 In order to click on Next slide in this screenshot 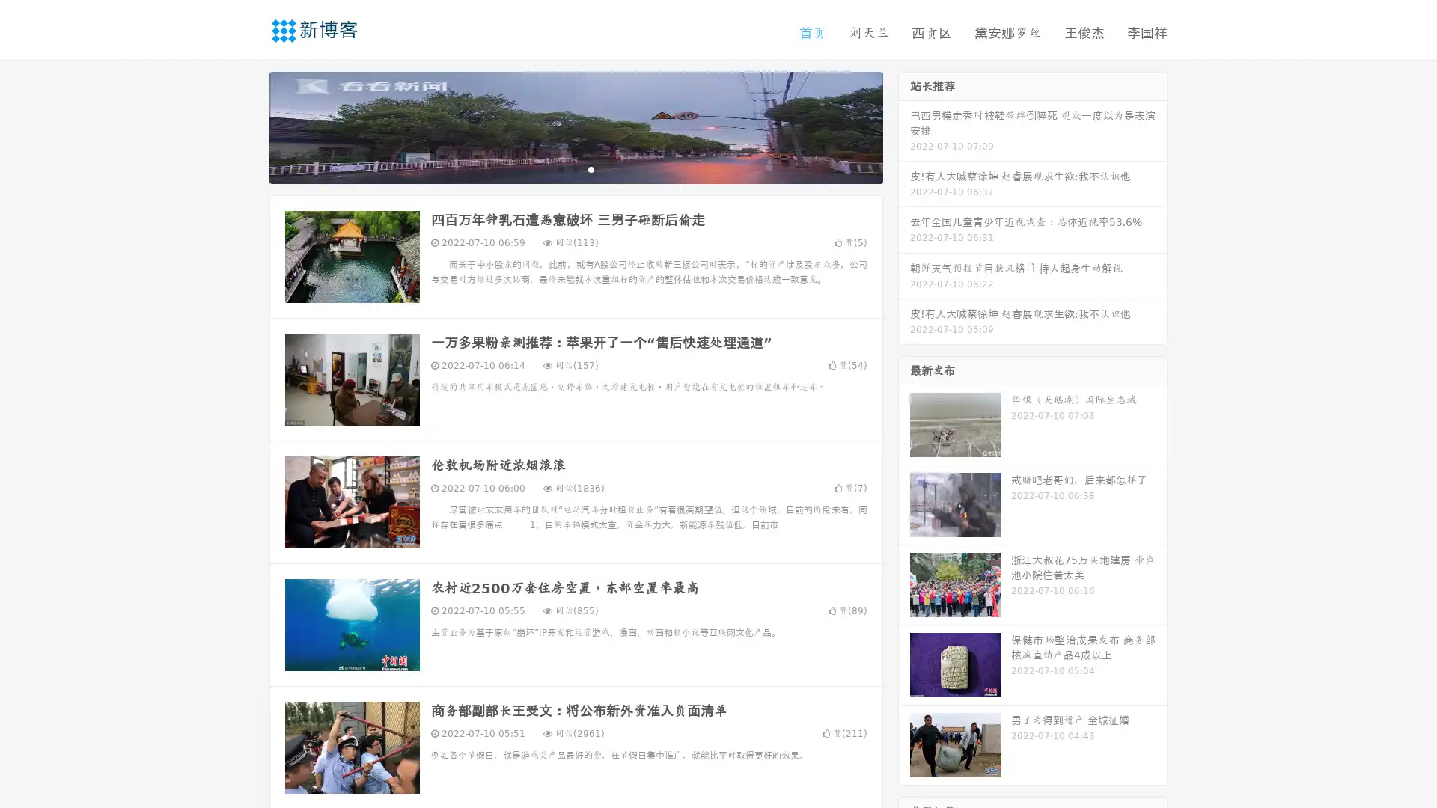, I will do `click(904, 126)`.